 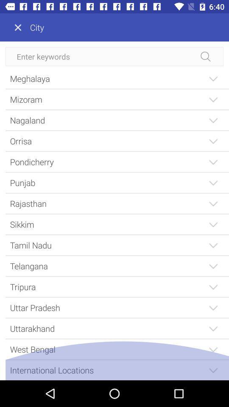 I want to click on the first drop down button, so click(x=213, y=78).